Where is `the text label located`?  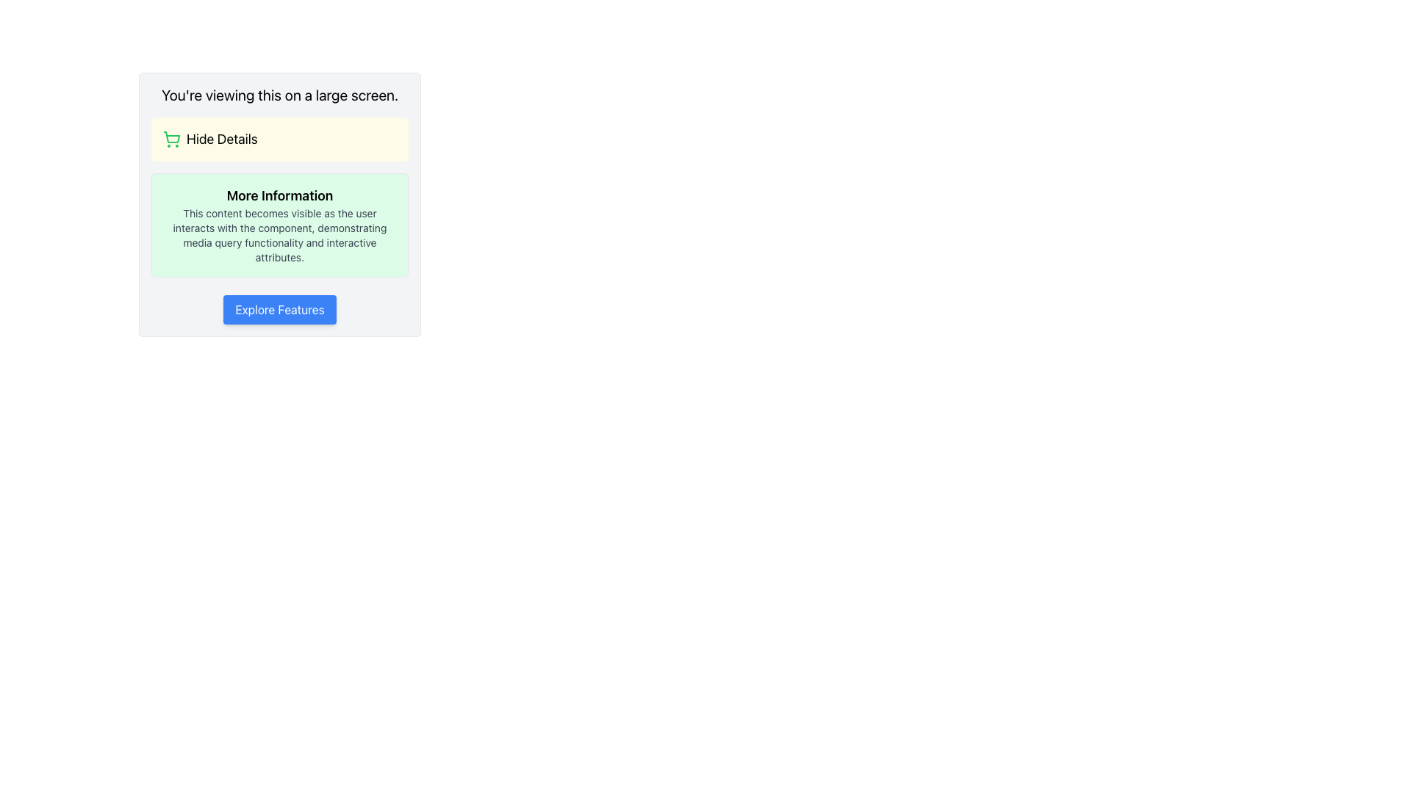 the text label located is located at coordinates (221, 139).